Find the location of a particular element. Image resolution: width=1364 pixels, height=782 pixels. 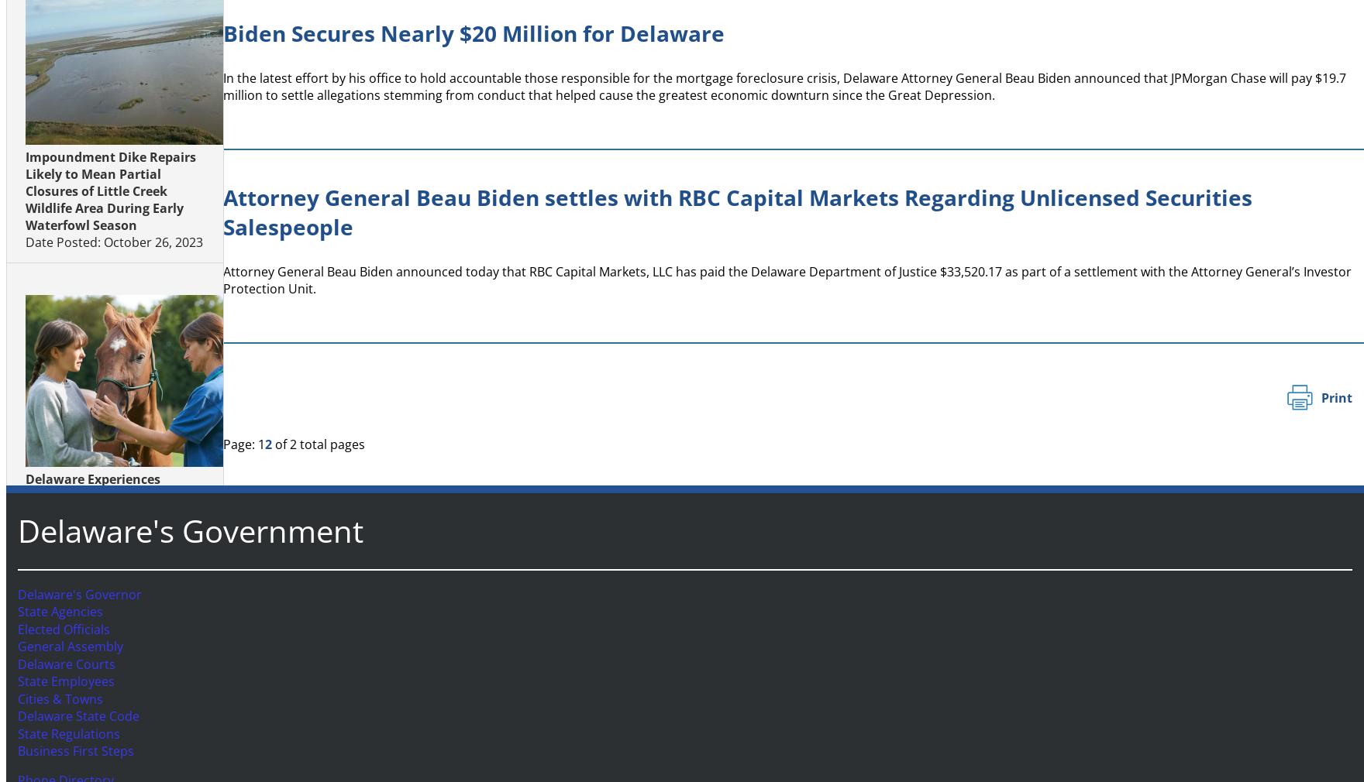

'Delaware Courts' is located at coordinates (62, 663).